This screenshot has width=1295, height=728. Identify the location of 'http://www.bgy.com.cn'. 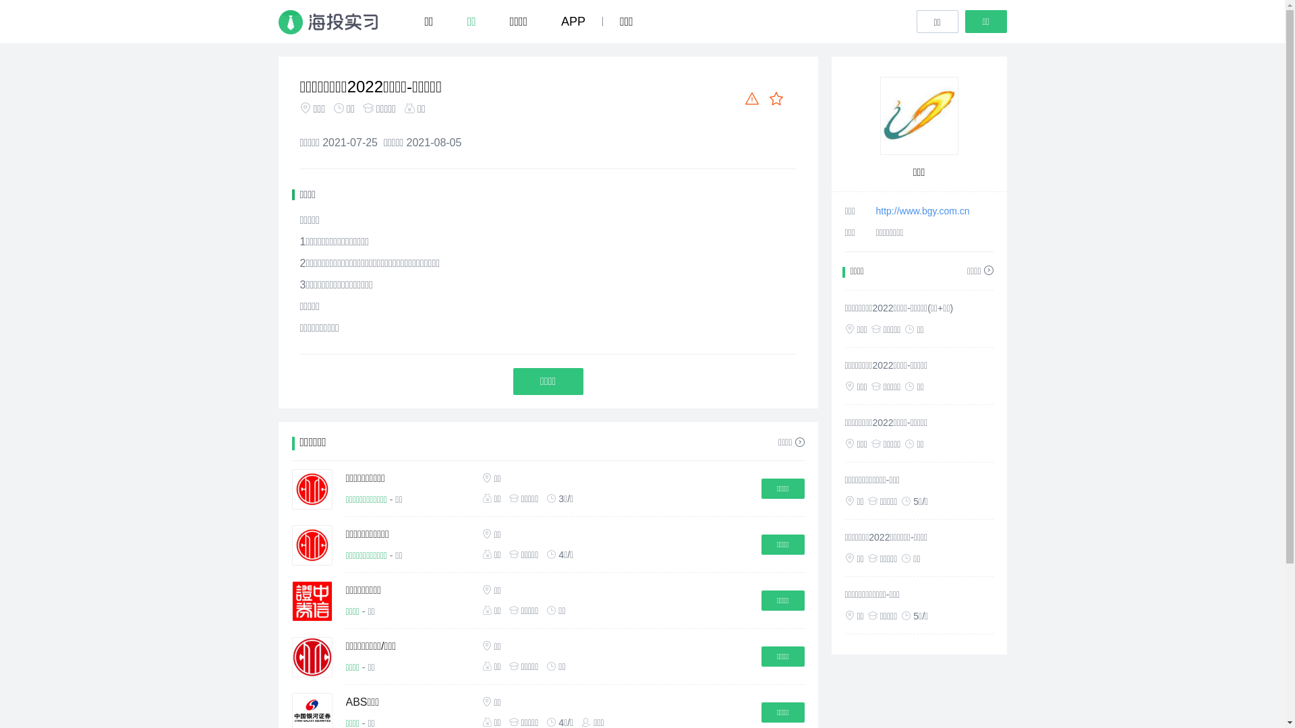
(921, 210).